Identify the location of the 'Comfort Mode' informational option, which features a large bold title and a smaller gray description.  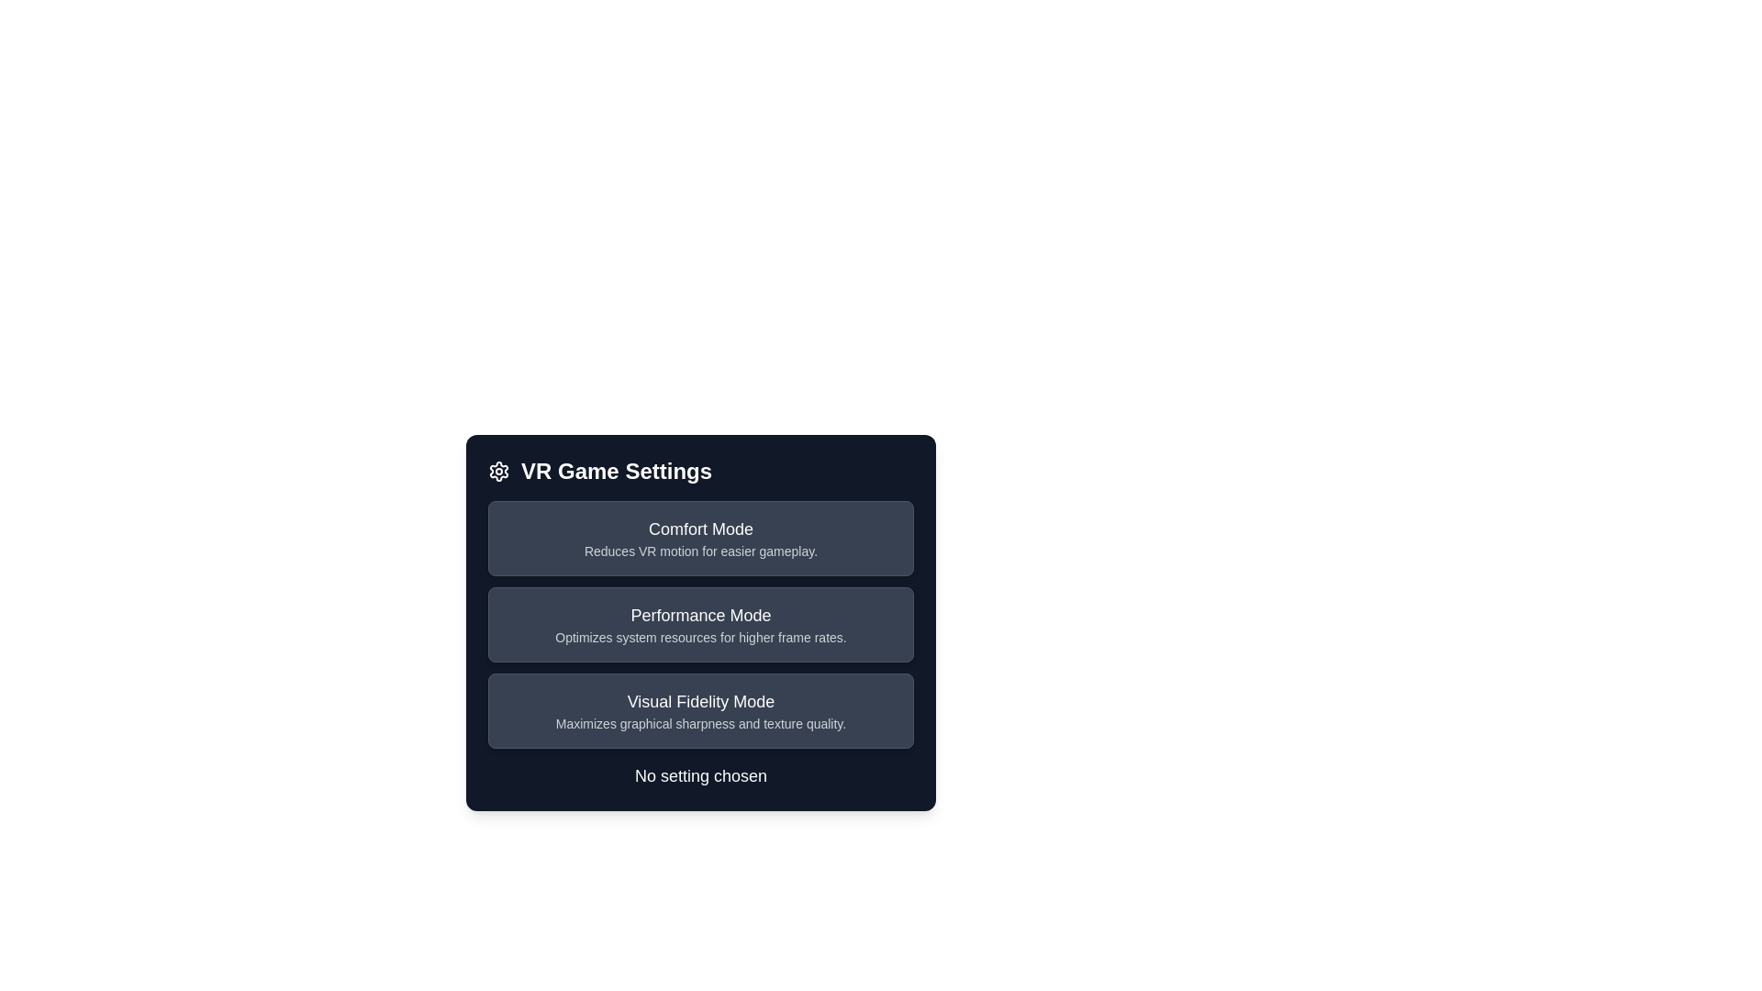
(699, 537).